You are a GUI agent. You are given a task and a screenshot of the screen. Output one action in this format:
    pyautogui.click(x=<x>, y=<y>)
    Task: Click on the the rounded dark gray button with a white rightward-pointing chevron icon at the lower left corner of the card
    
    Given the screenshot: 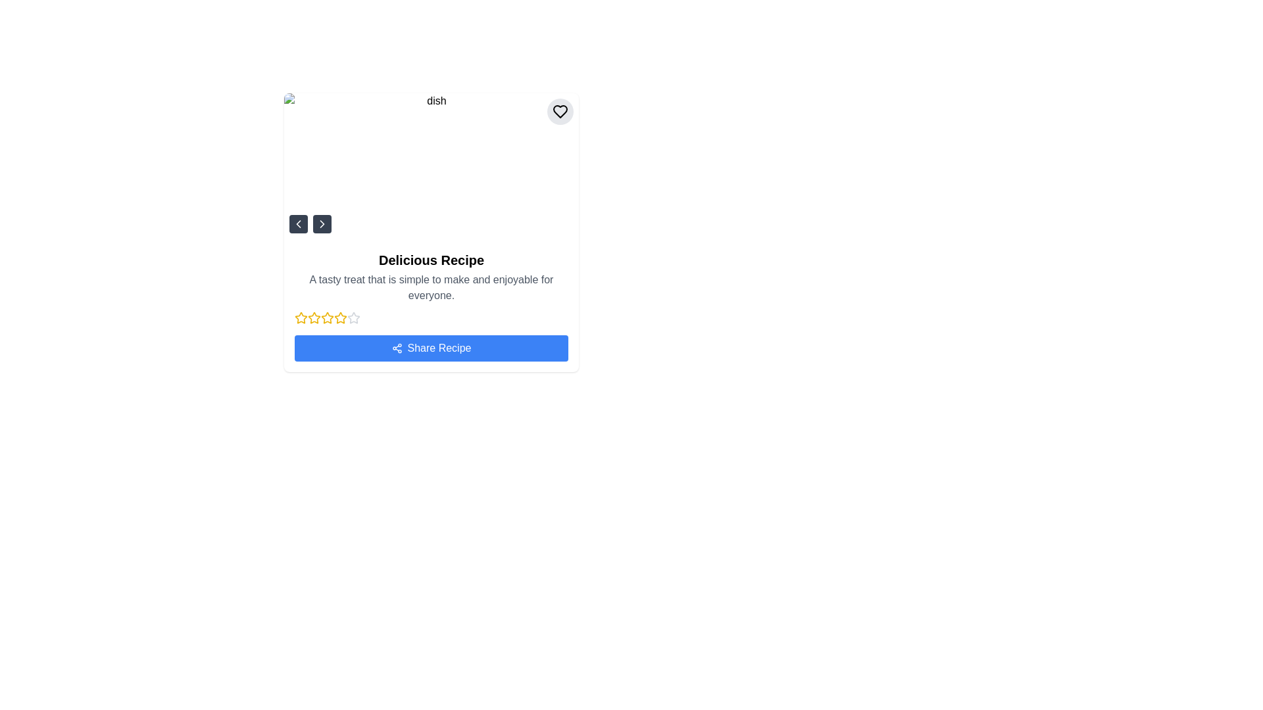 What is the action you would take?
    pyautogui.click(x=322, y=223)
    